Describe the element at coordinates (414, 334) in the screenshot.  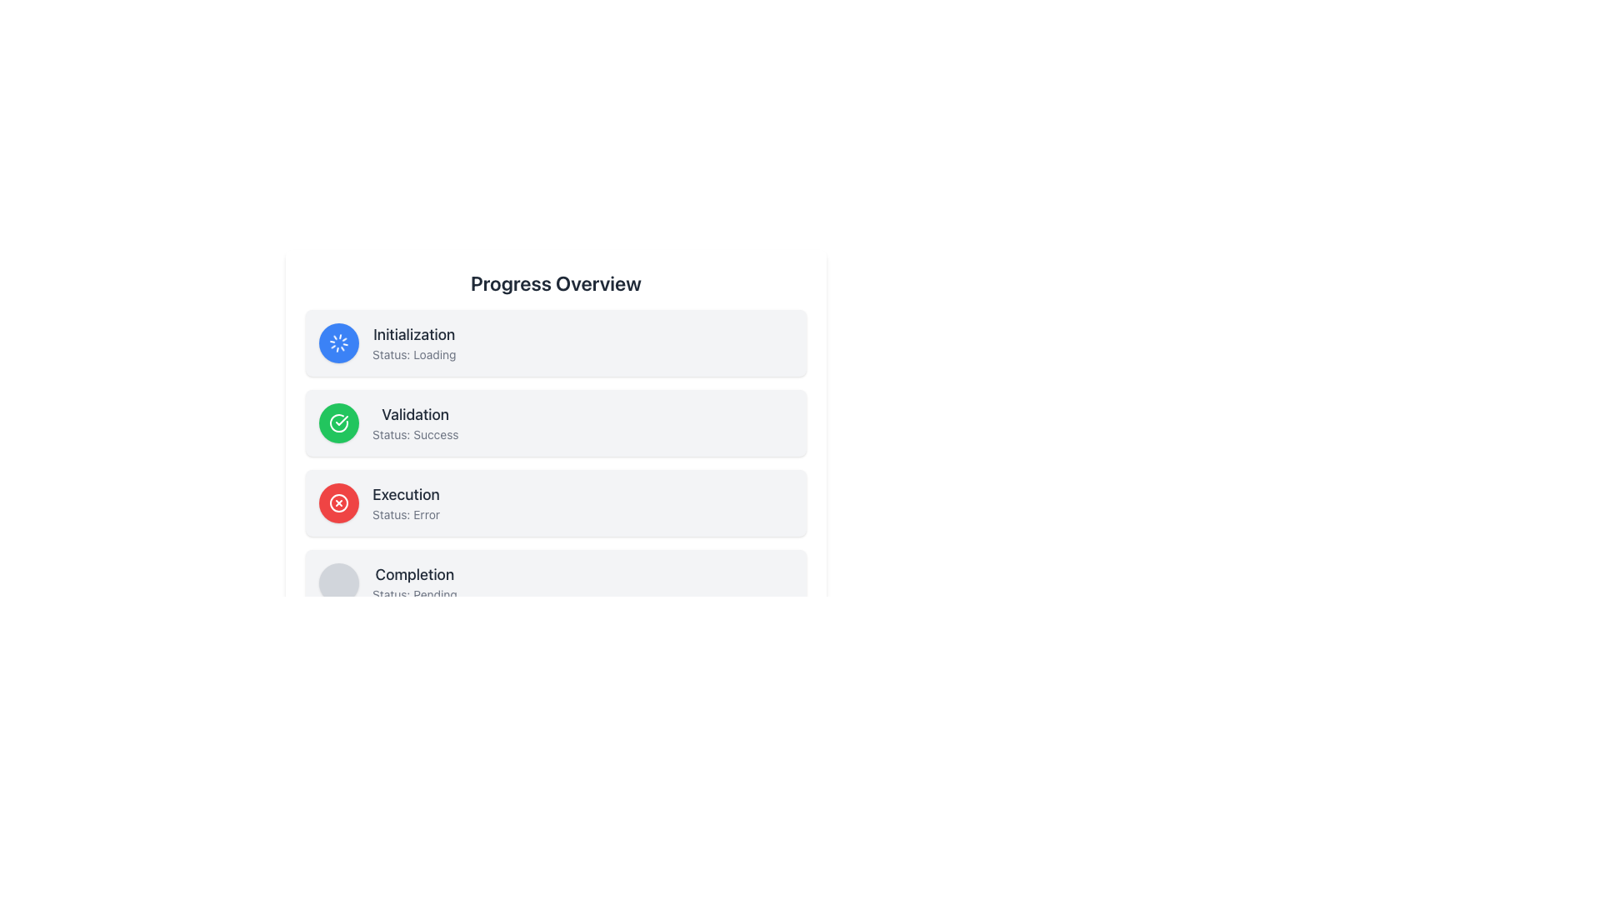
I see `the 'Initialization' text label, which is positioned at the top left corner of a card-like section in a vertical progress tracker, displaying bold text in medium gray color` at that location.